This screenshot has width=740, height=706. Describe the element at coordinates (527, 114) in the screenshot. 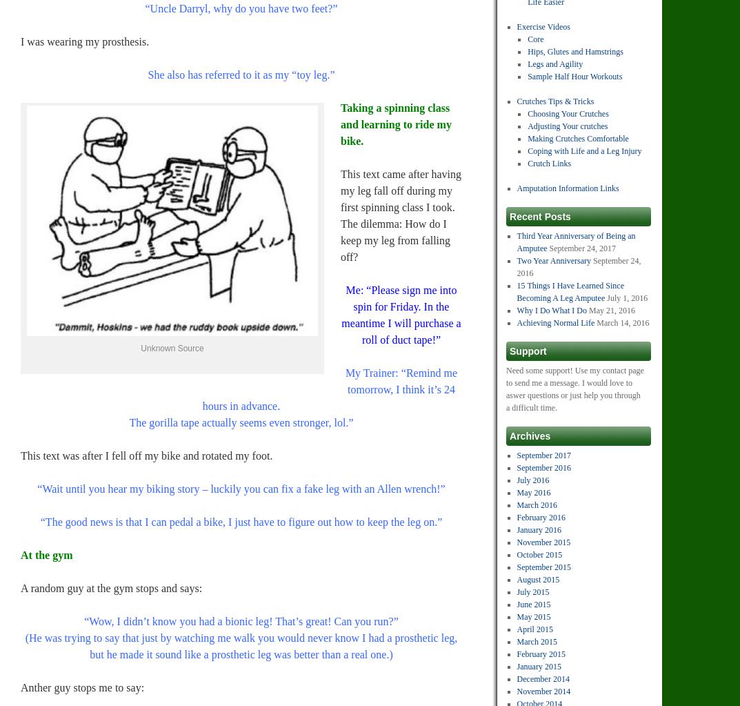

I see `'Choosing Your Crutches'` at that location.